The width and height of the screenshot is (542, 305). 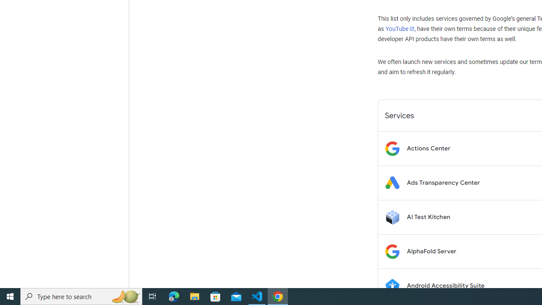 What do you see at coordinates (392, 251) in the screenshot?
I see `'Logo for AlphaFold Server'` at bounding box center [392, 251].